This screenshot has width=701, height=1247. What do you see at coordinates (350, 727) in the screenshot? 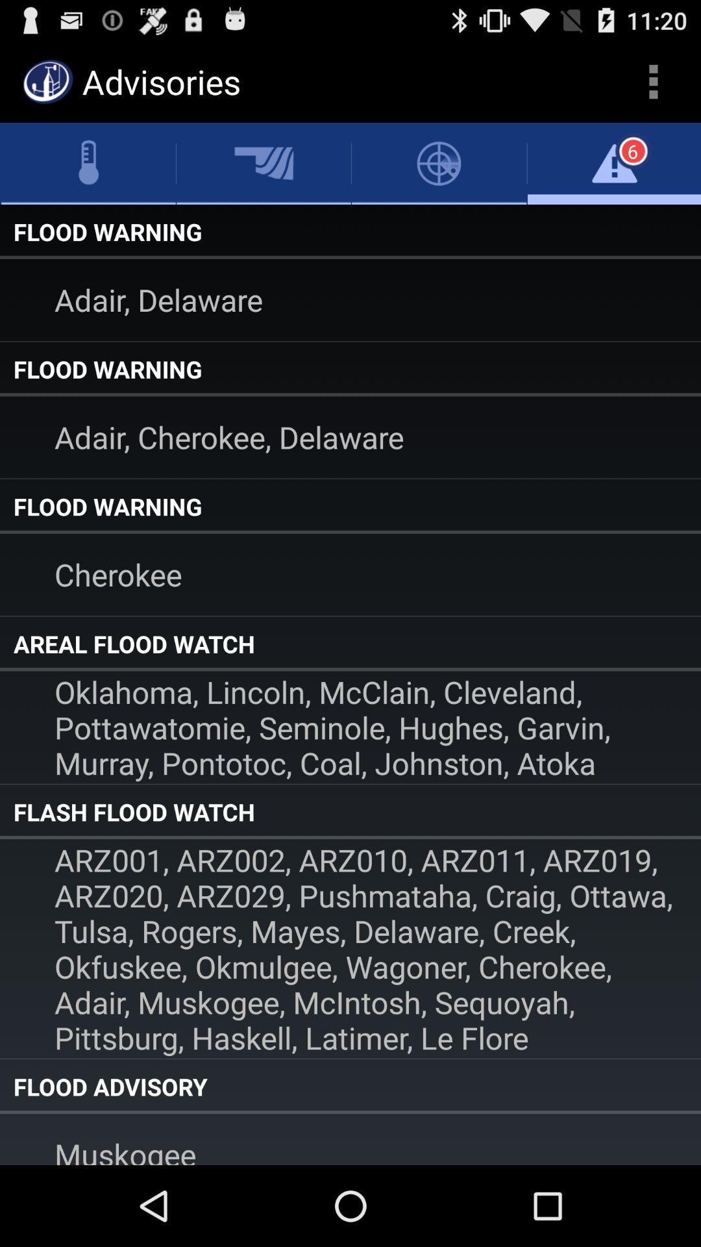
I see `the oklahoma lincoln mcclain item` at bounding box center [350, 727].